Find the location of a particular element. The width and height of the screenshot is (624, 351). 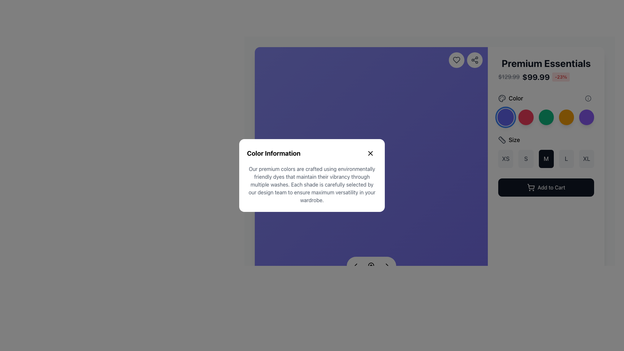

the cross-shaped icon at the top-right corner of the 'Color Information' dialog box is located at coordinates (370, 153).